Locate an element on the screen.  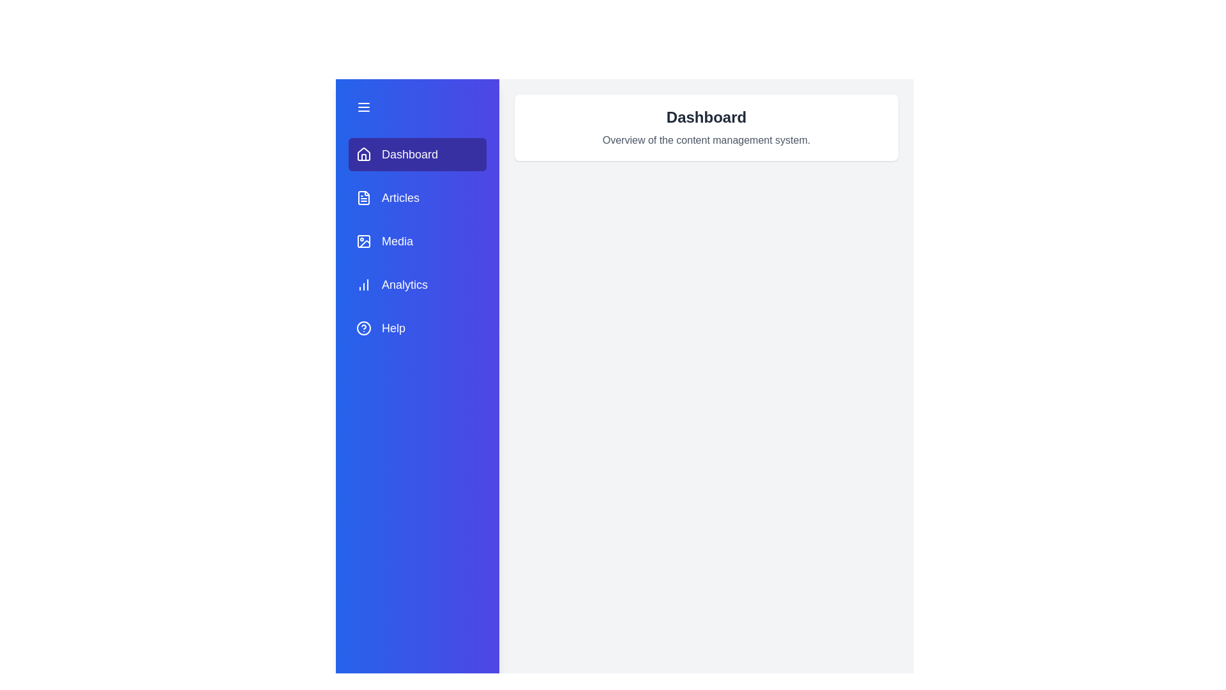
the tab labeled Help to change the active section is located at coordinates (417, 327).